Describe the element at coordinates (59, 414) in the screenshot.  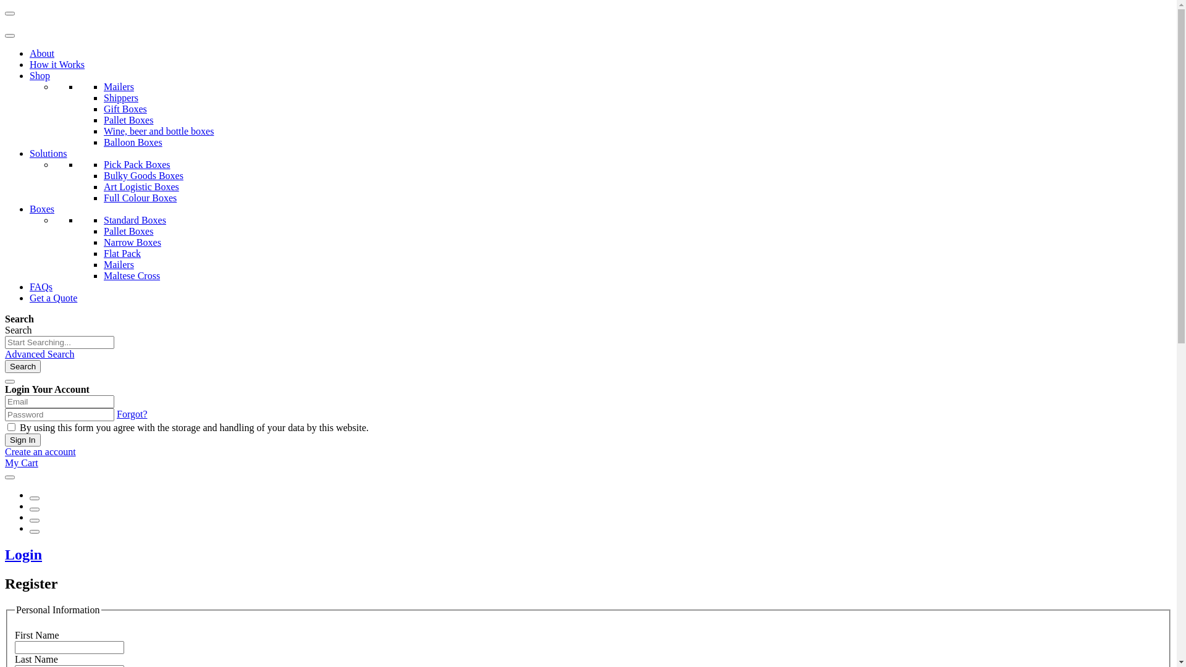
I see `'Password'` at that location.